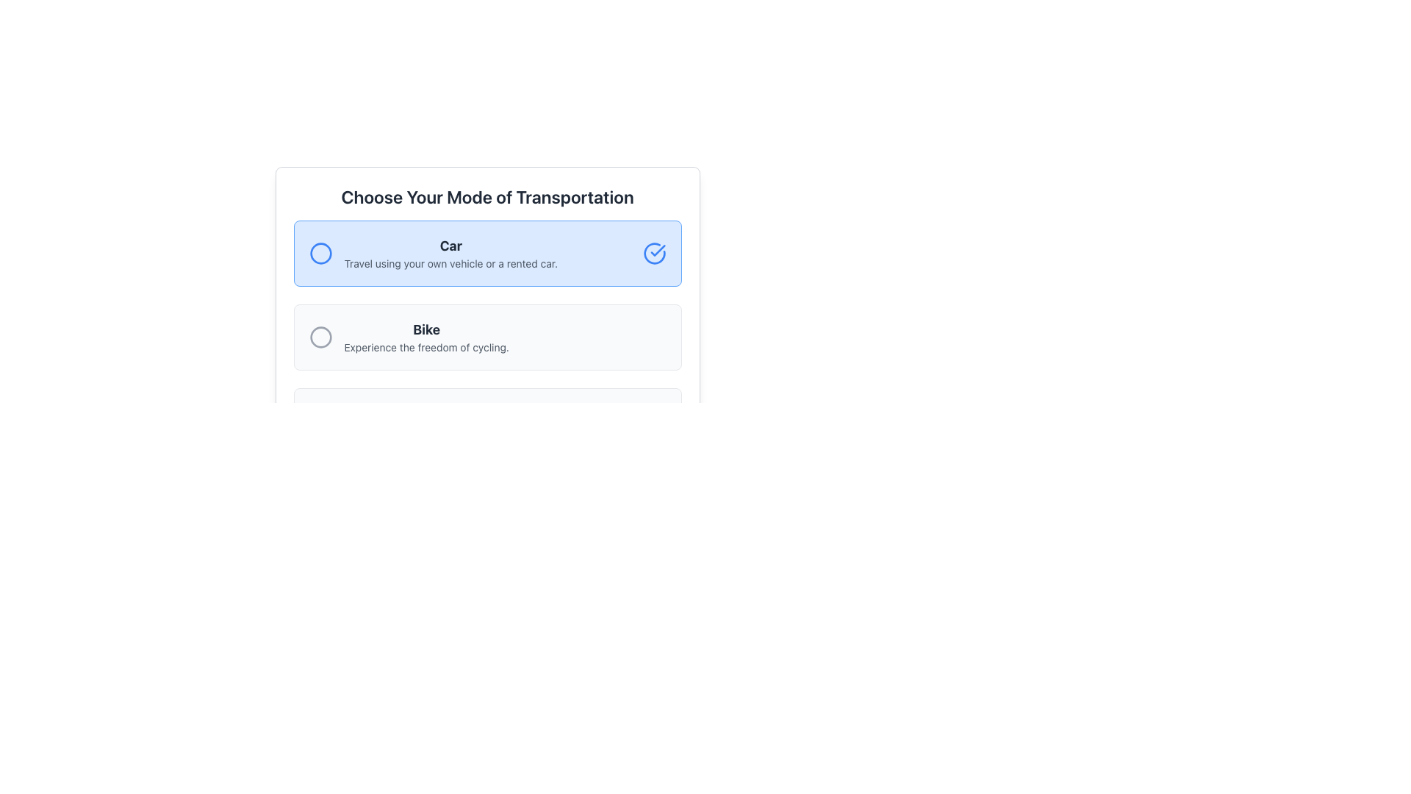 This screenshot has height=794, width=1411. I want to click on the checkmark icon located at the far right side of the 'Car' option button group under the 'Choose Your Mode of Transportation' heading, so click(657, 249).